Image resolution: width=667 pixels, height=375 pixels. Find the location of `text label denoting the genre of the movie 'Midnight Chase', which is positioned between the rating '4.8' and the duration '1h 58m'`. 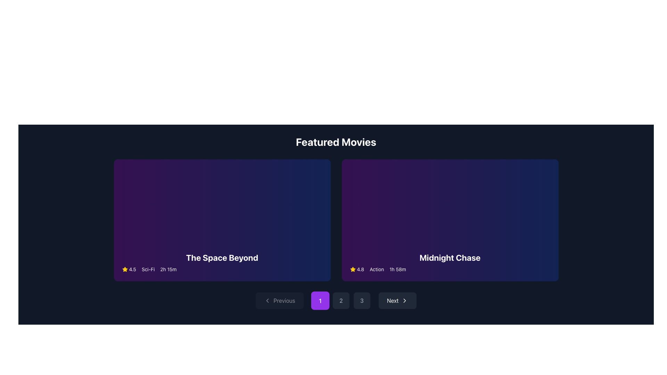

text label denoting the genre of the movie 'Midnight Chase', which is positioned between the rating '4.8' and the duration '1h 58m' is located at coordinates (376, 269).